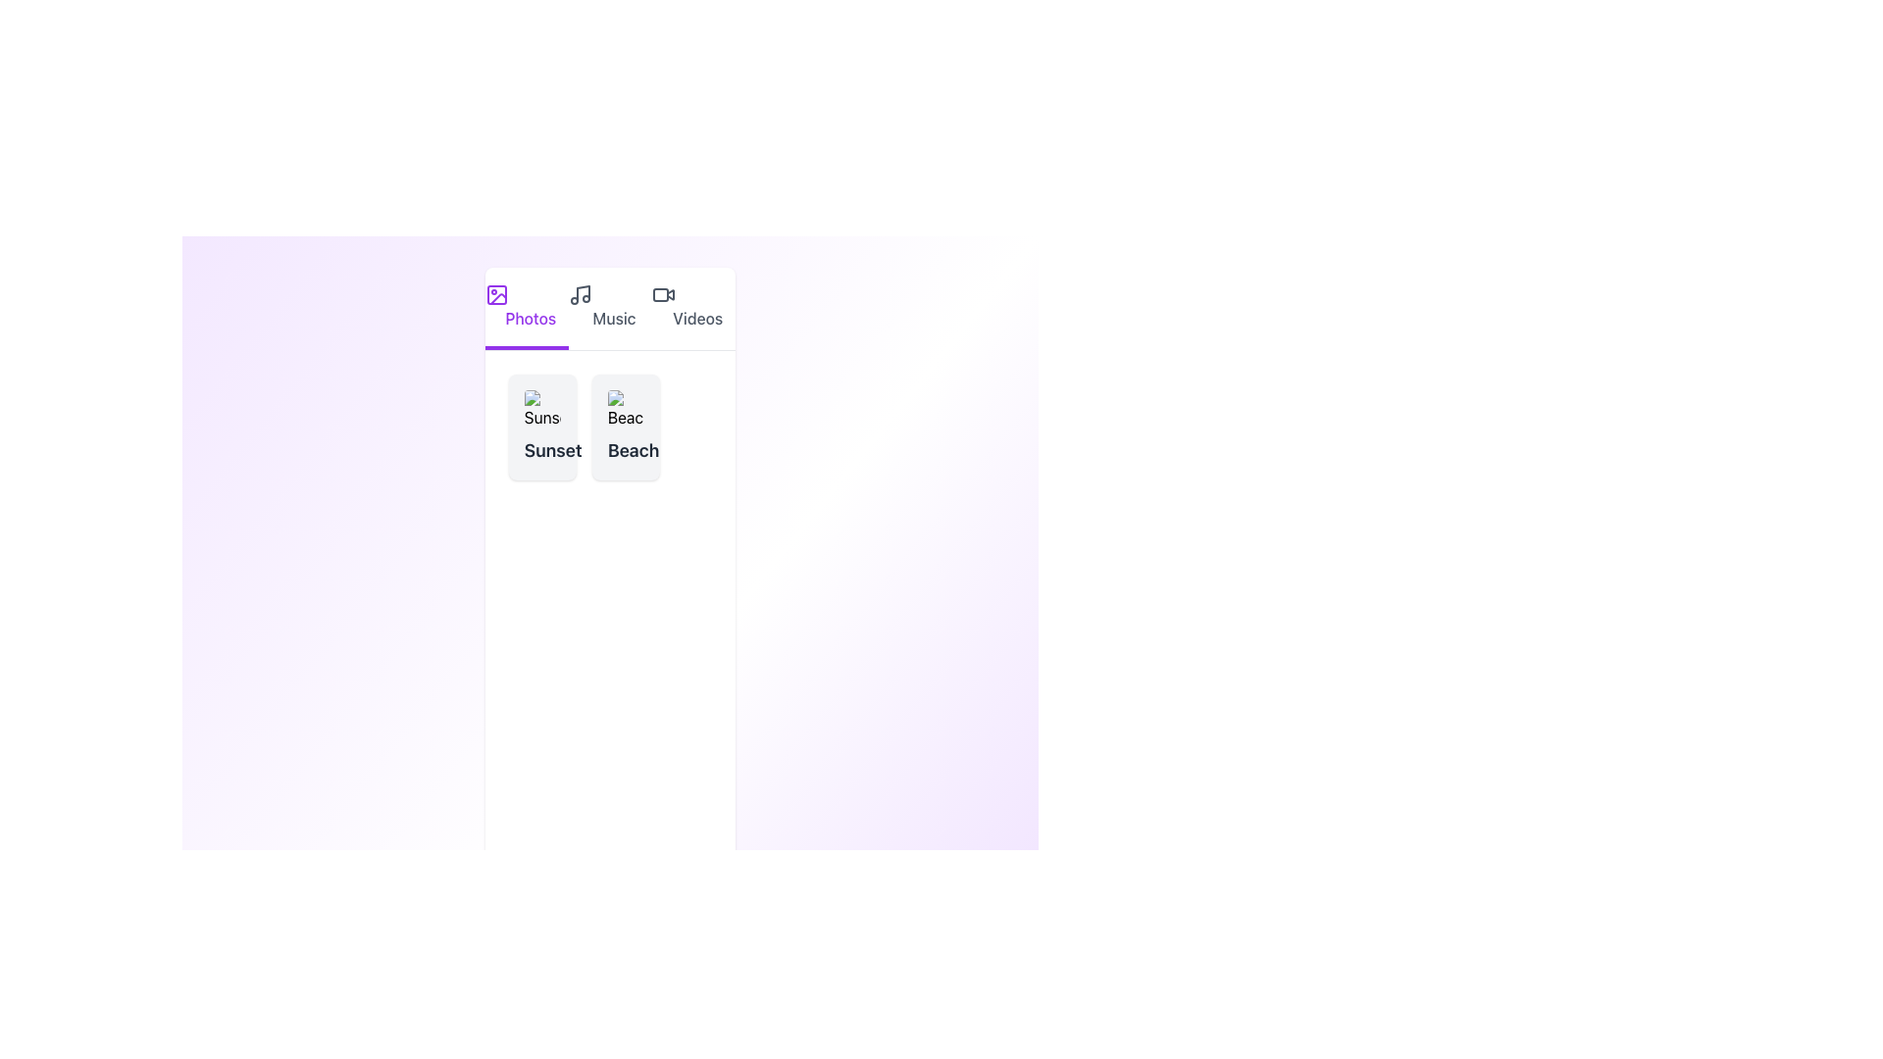 The height and width of the screenshot is (1059, 1883). Describe the element at coordinates (609, 309) in the screenshot. I see `the navigation button that directs users to the 'Music' section in the horizontal menu, positioned between 'Photos' and 'Videos'` at that location.